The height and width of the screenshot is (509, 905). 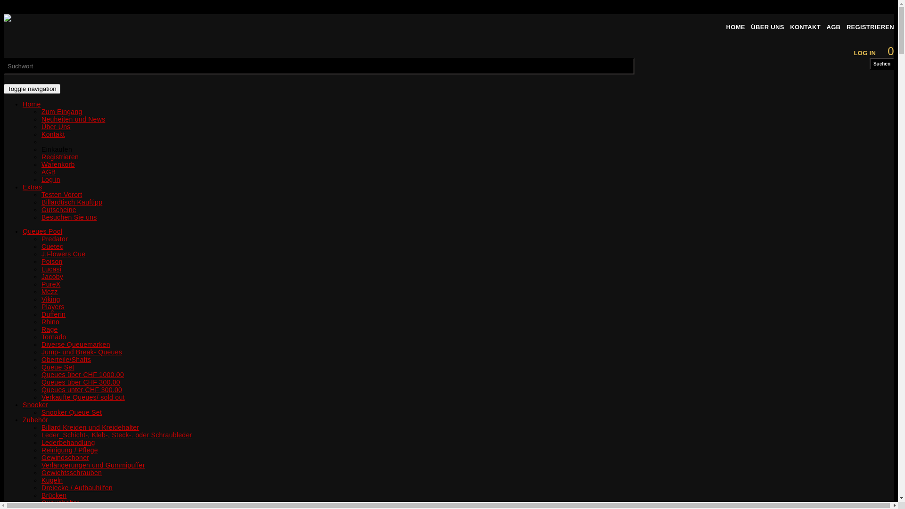 I want to click on 'Home', so click(x=32, y=104).